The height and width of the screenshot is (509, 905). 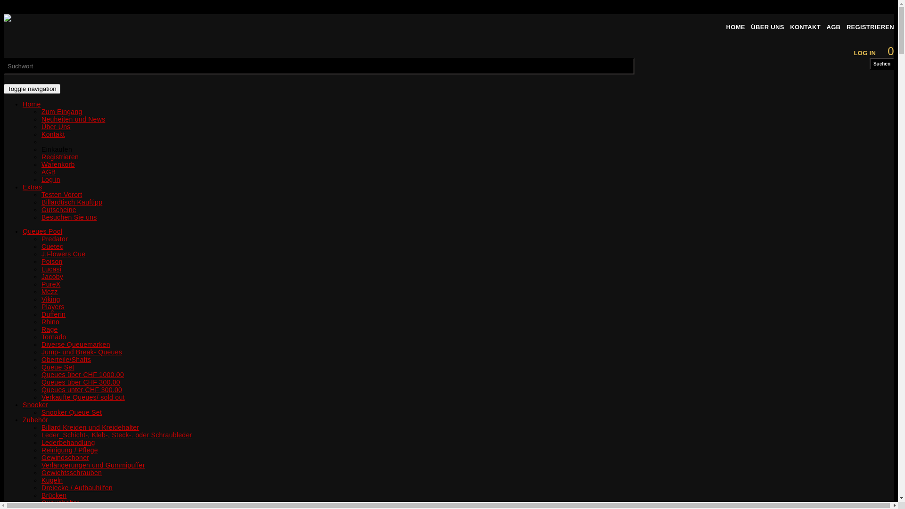 I want to click on 'Home', so click(x=32, y=104).